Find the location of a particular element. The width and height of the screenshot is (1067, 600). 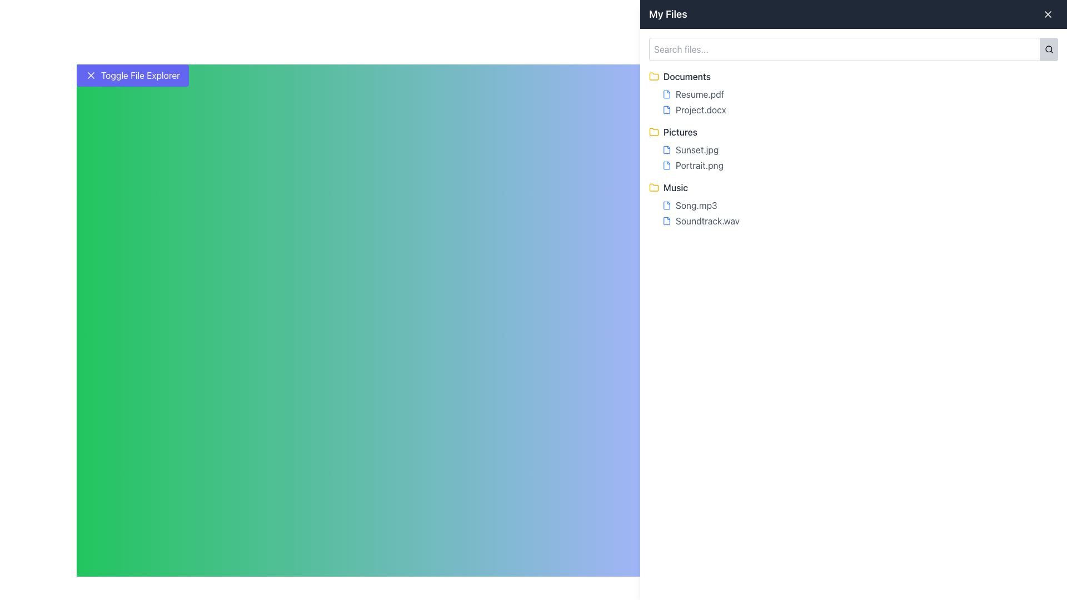

the 'Song.mp3' file entry in the Music folder is located at coordinates (853, 213).